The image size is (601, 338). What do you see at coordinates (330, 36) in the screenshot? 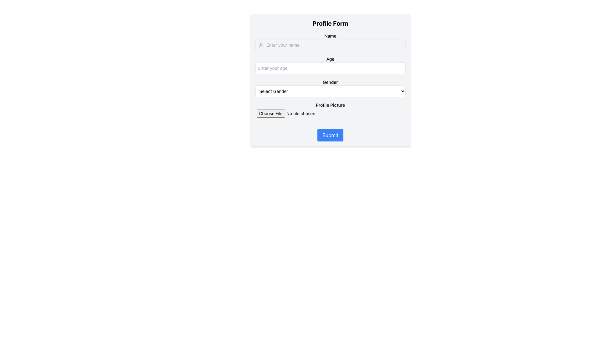
I see `the Text label indicating the name input field in the profile form interface` at bounding box center [330, 36].